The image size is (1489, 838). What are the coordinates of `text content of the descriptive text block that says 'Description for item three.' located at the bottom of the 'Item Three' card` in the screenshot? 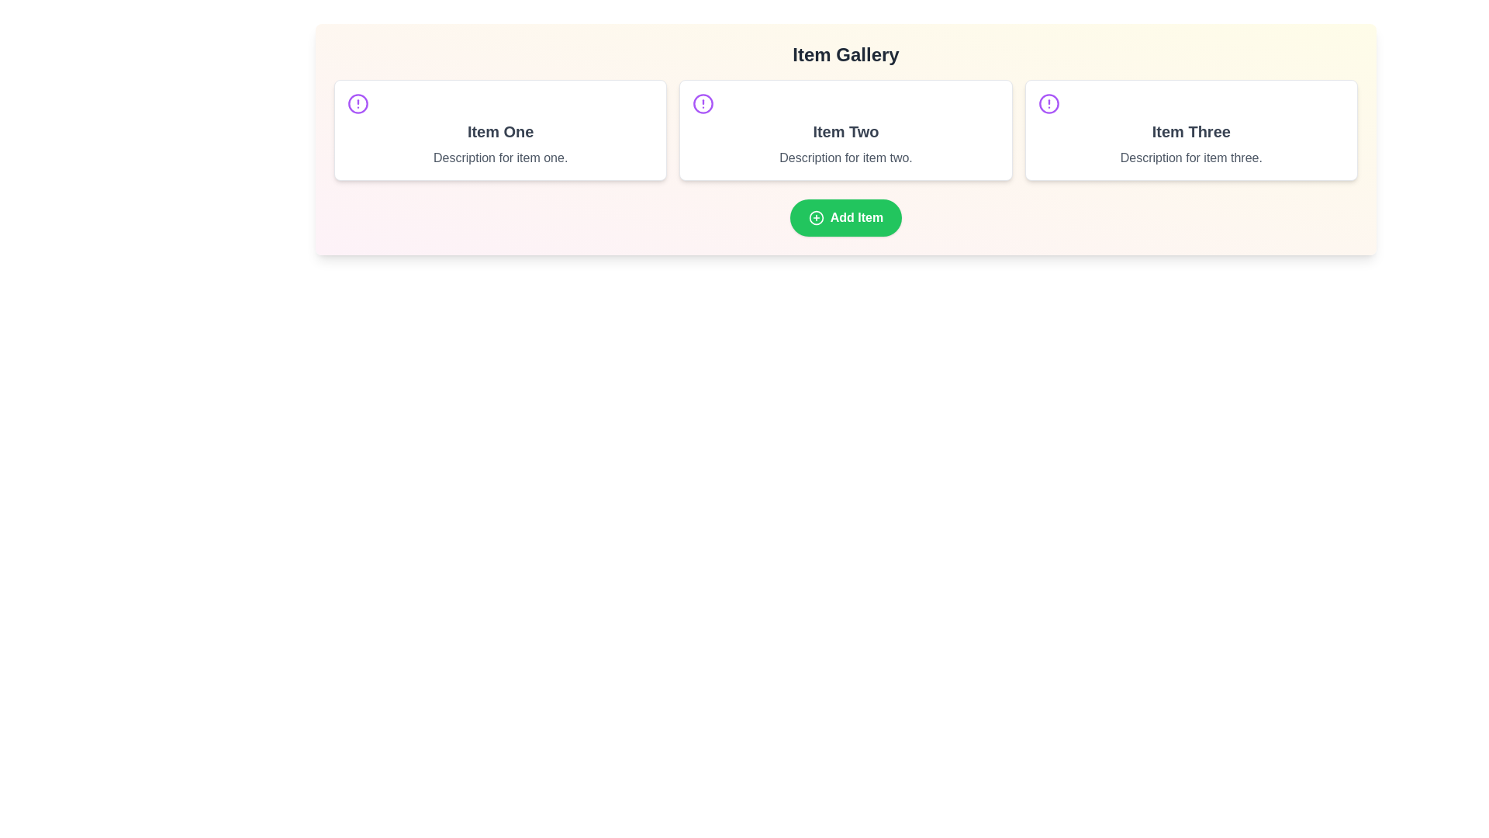 It's located at (1190, 158).